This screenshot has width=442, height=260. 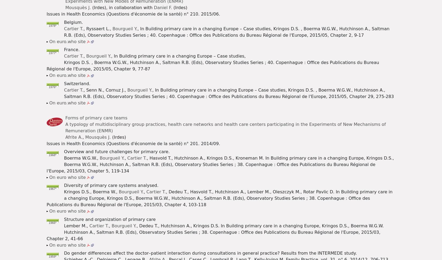 What do you see at coordinates (181, 194) in the screenshot?
I see `'Can physician gate-keeping and patient  choice be reconciled in France ? Analysis of recent reform.'` at bounding box center [181, 194].